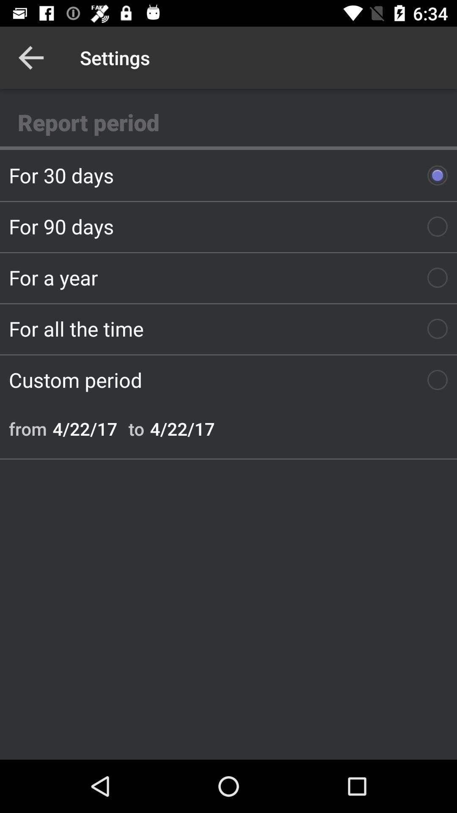 The image size is (457, 813). I want to click on from item, so click(27, 429).